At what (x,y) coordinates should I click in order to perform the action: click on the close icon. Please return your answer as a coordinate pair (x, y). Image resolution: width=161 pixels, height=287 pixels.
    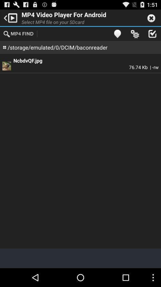
    Looking at the image, I should click on (151, 19).